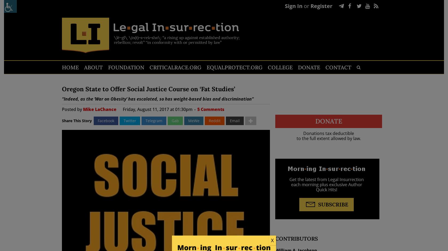  What do you see at coordinates (328, 138) in the screenshot?
I see `'to the full extent allowed by law.'` at bounding box center [328, 138].